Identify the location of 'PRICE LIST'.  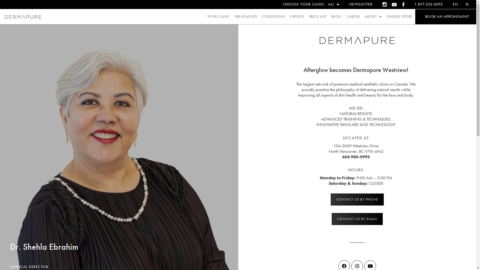
(317, 16).